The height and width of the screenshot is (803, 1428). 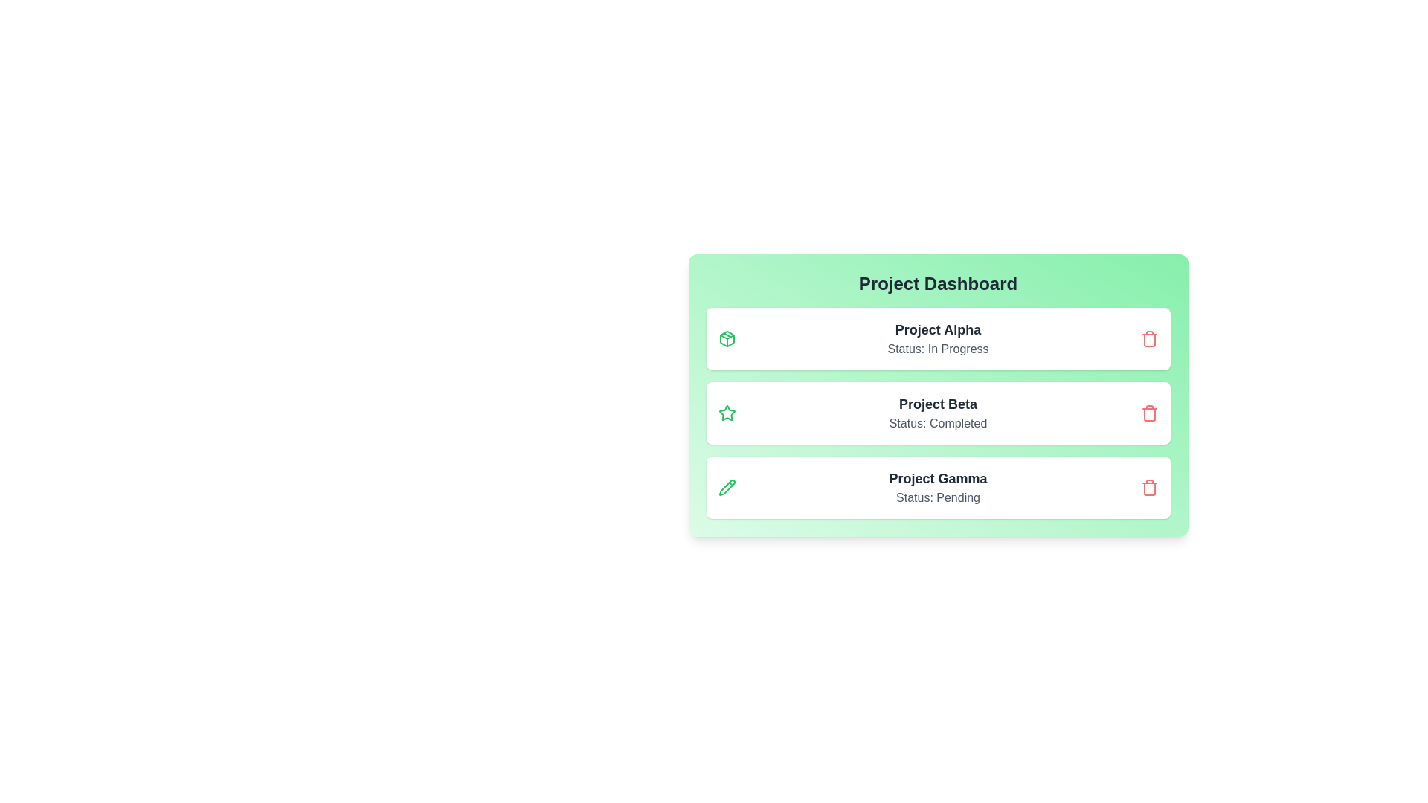 I want to click on the delete button for the project Project Beta, so click(x=1148, y=413).